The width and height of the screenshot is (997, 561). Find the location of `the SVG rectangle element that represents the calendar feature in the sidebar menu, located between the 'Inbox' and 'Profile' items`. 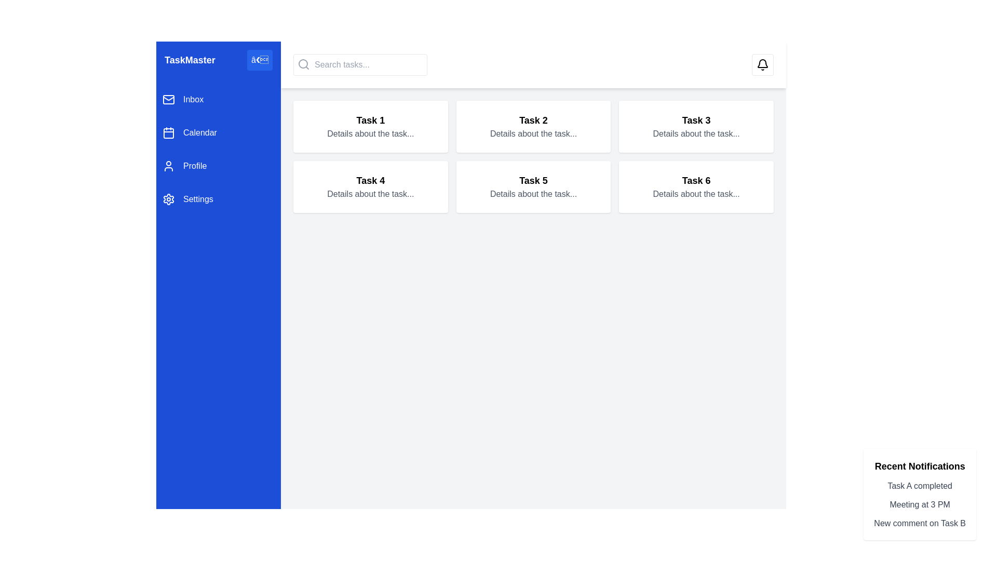

the SVG rectangle element that represents the calendar feature in the sidebar menu, located between the 'Inbox' and 'Profile' items is located at coordinates (169, 133).